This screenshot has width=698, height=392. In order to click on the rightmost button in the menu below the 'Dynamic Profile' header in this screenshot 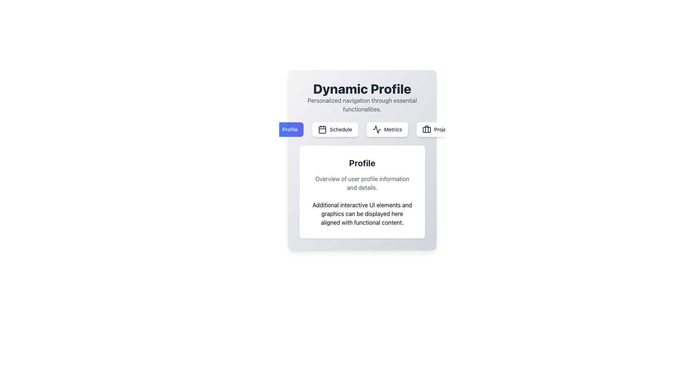, I will do `click(438, 129)`.